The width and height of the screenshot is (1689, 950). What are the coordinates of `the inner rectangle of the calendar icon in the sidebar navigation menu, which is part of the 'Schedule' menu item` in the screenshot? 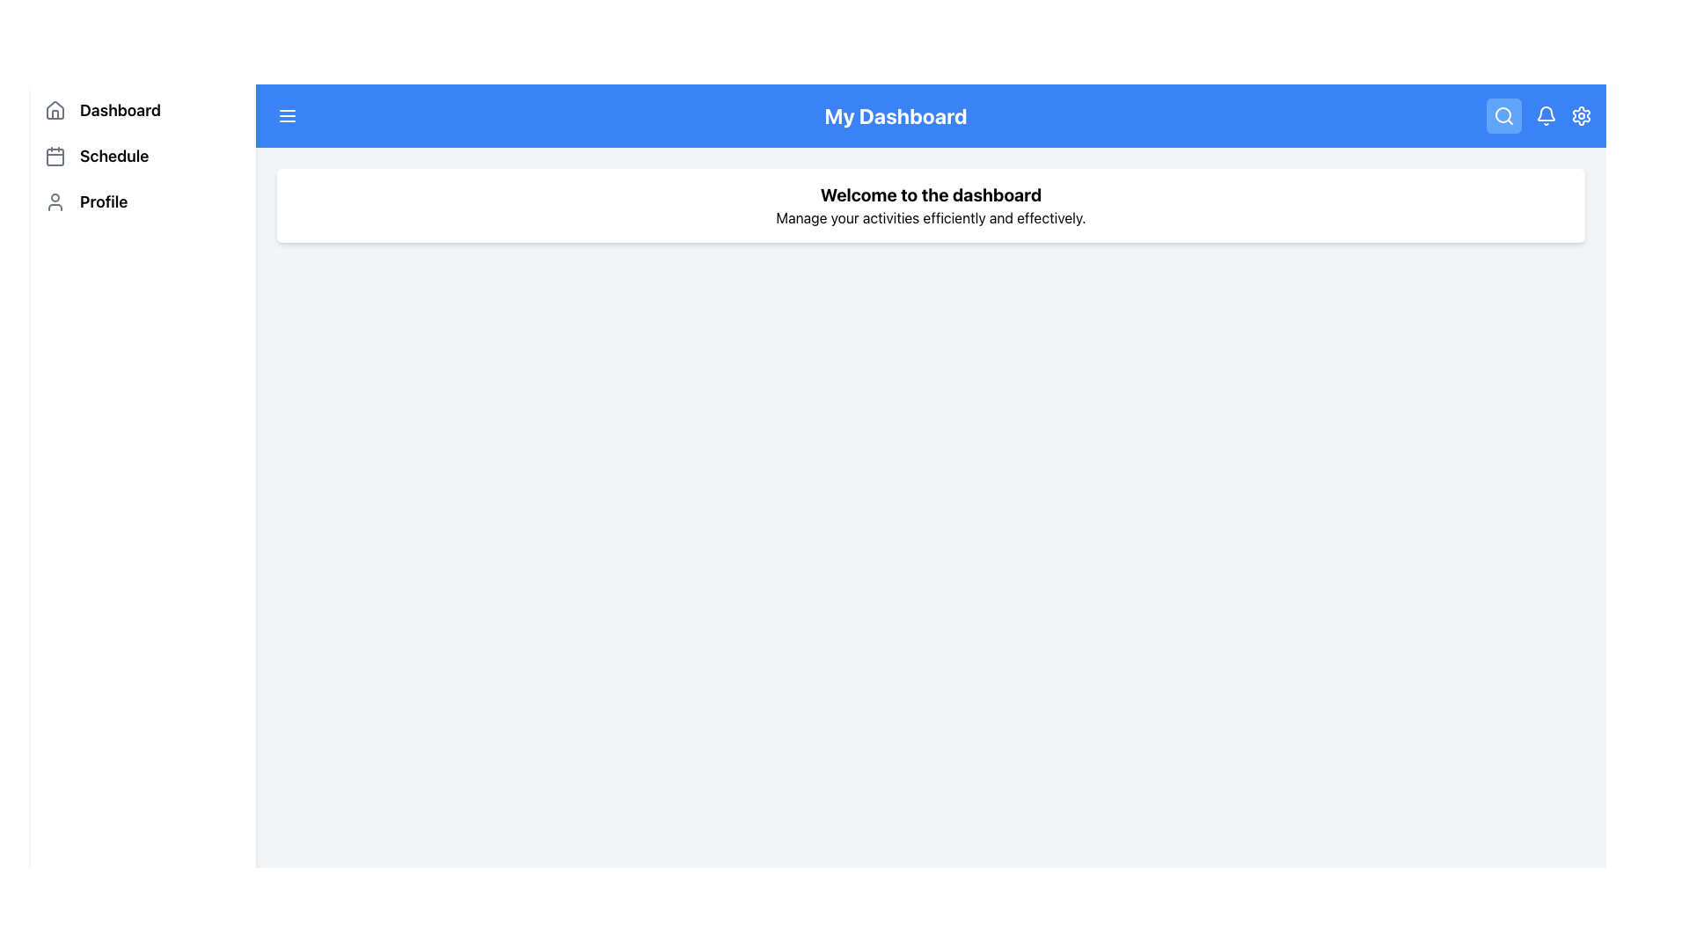 It's located at (55, 156).